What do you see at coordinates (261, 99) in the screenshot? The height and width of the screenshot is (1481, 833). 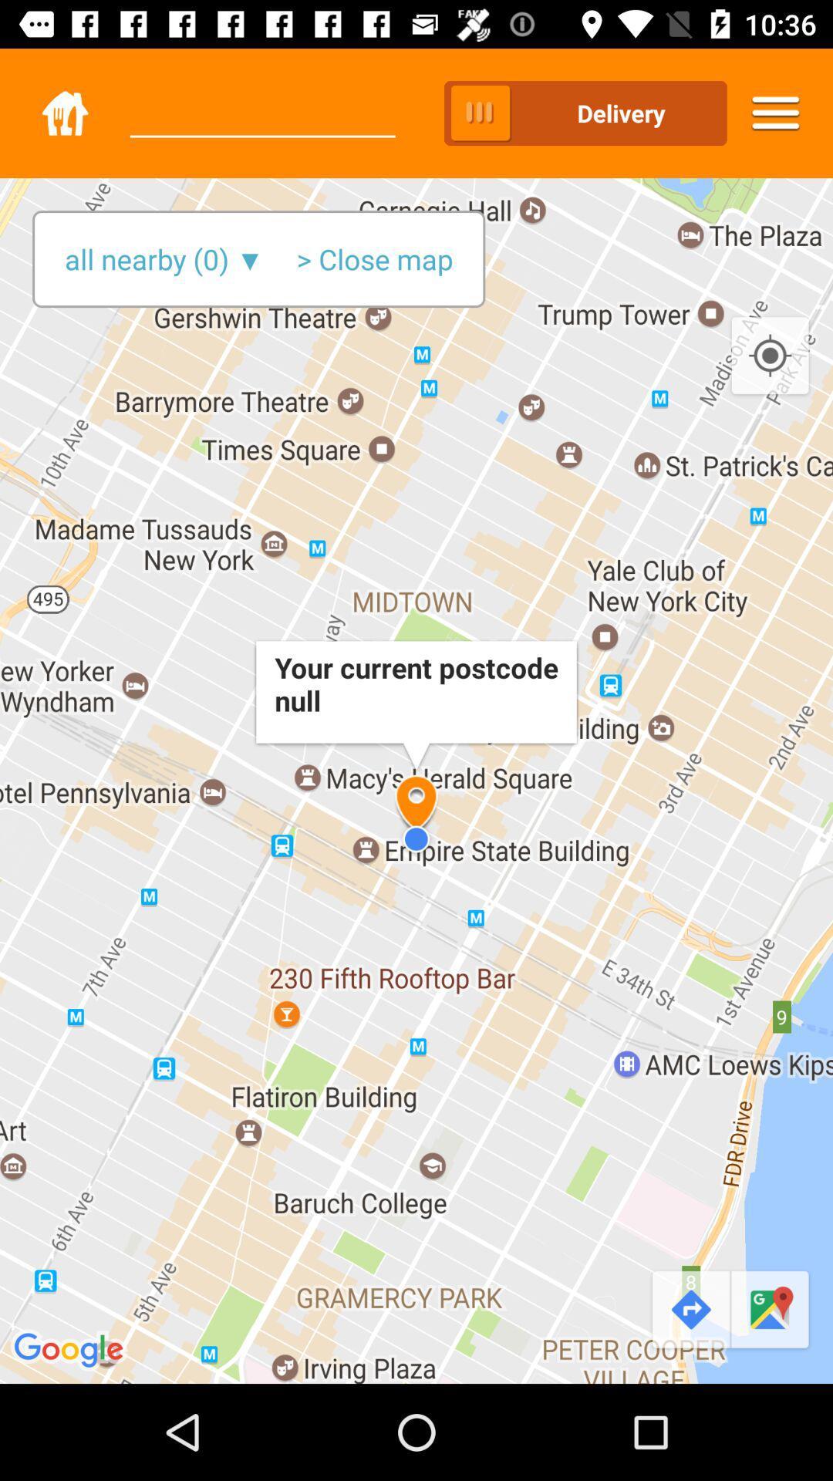 I see `item next to pickup item` at bounding box center [261, 99].